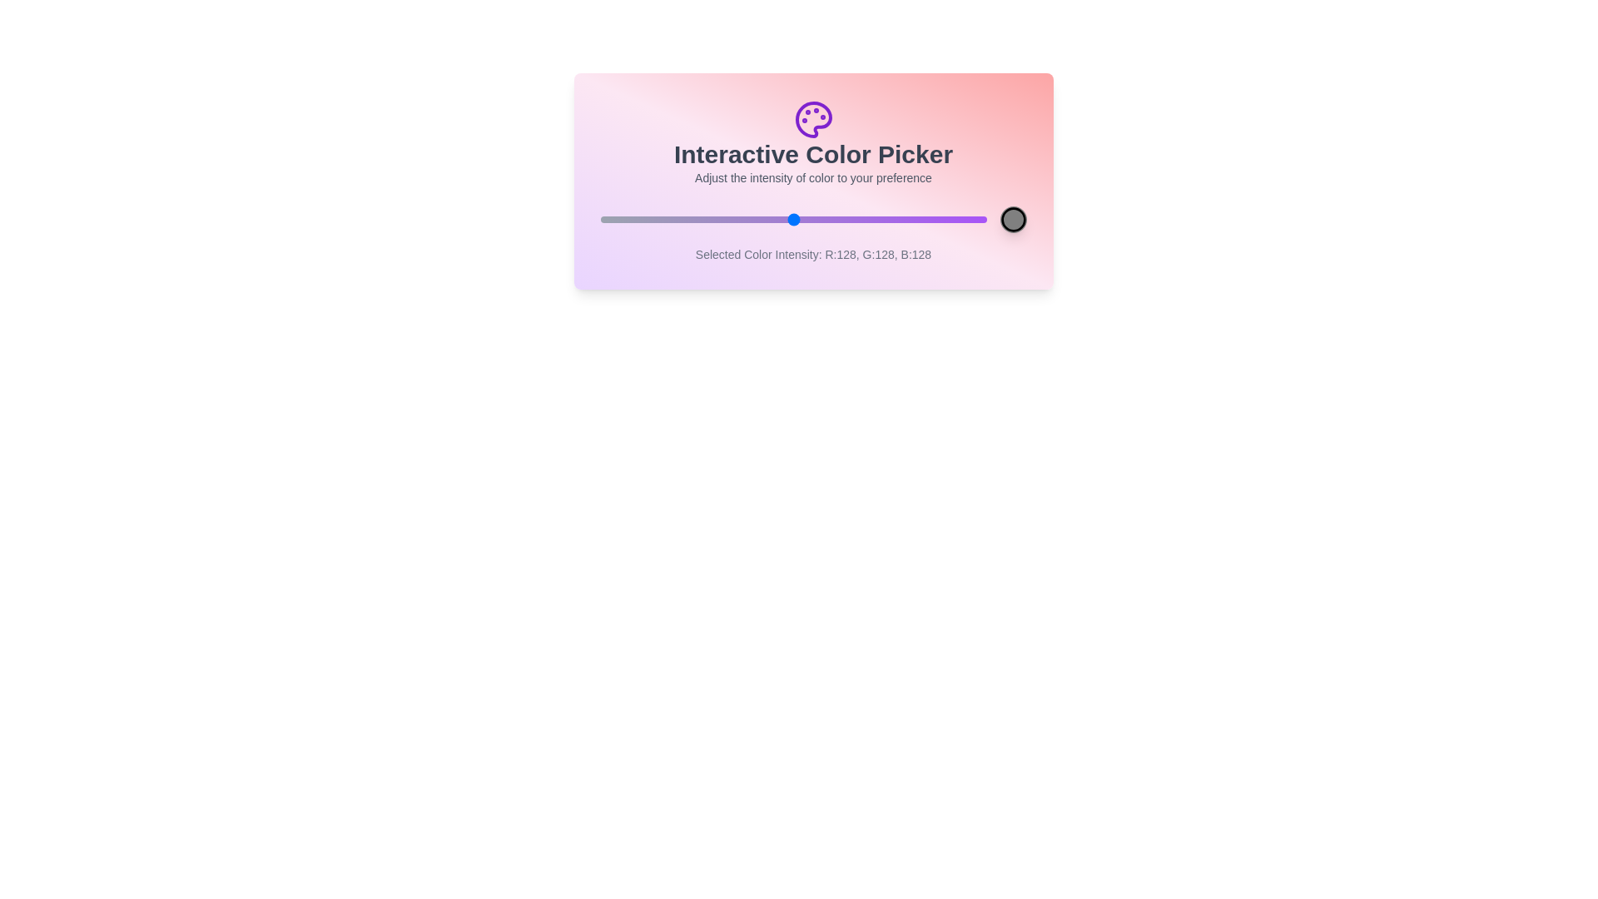 This screenshot has width=1598, height=899. Describe the element at coordinates (913, 218) in the screenshot. I see `the color intensity to 208 by dragging the slider` at that location.